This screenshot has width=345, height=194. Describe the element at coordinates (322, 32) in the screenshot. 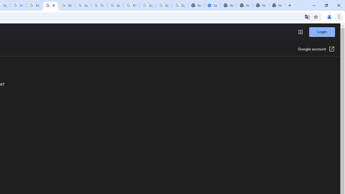

I see `'Login'` at that location.